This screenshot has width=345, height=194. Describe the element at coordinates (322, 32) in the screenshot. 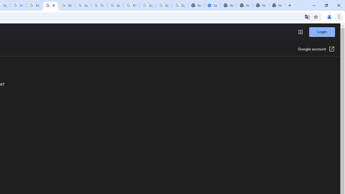

I see `'Login'` at that location.